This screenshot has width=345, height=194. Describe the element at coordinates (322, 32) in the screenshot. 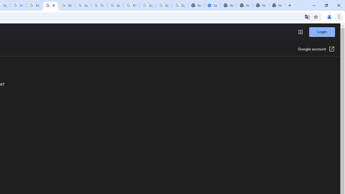

I see `'Login'` at that location.